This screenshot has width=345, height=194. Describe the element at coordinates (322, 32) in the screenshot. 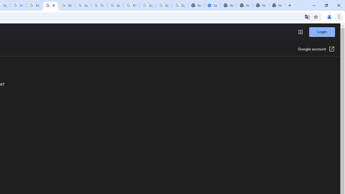

I see `'Login'` at that location.